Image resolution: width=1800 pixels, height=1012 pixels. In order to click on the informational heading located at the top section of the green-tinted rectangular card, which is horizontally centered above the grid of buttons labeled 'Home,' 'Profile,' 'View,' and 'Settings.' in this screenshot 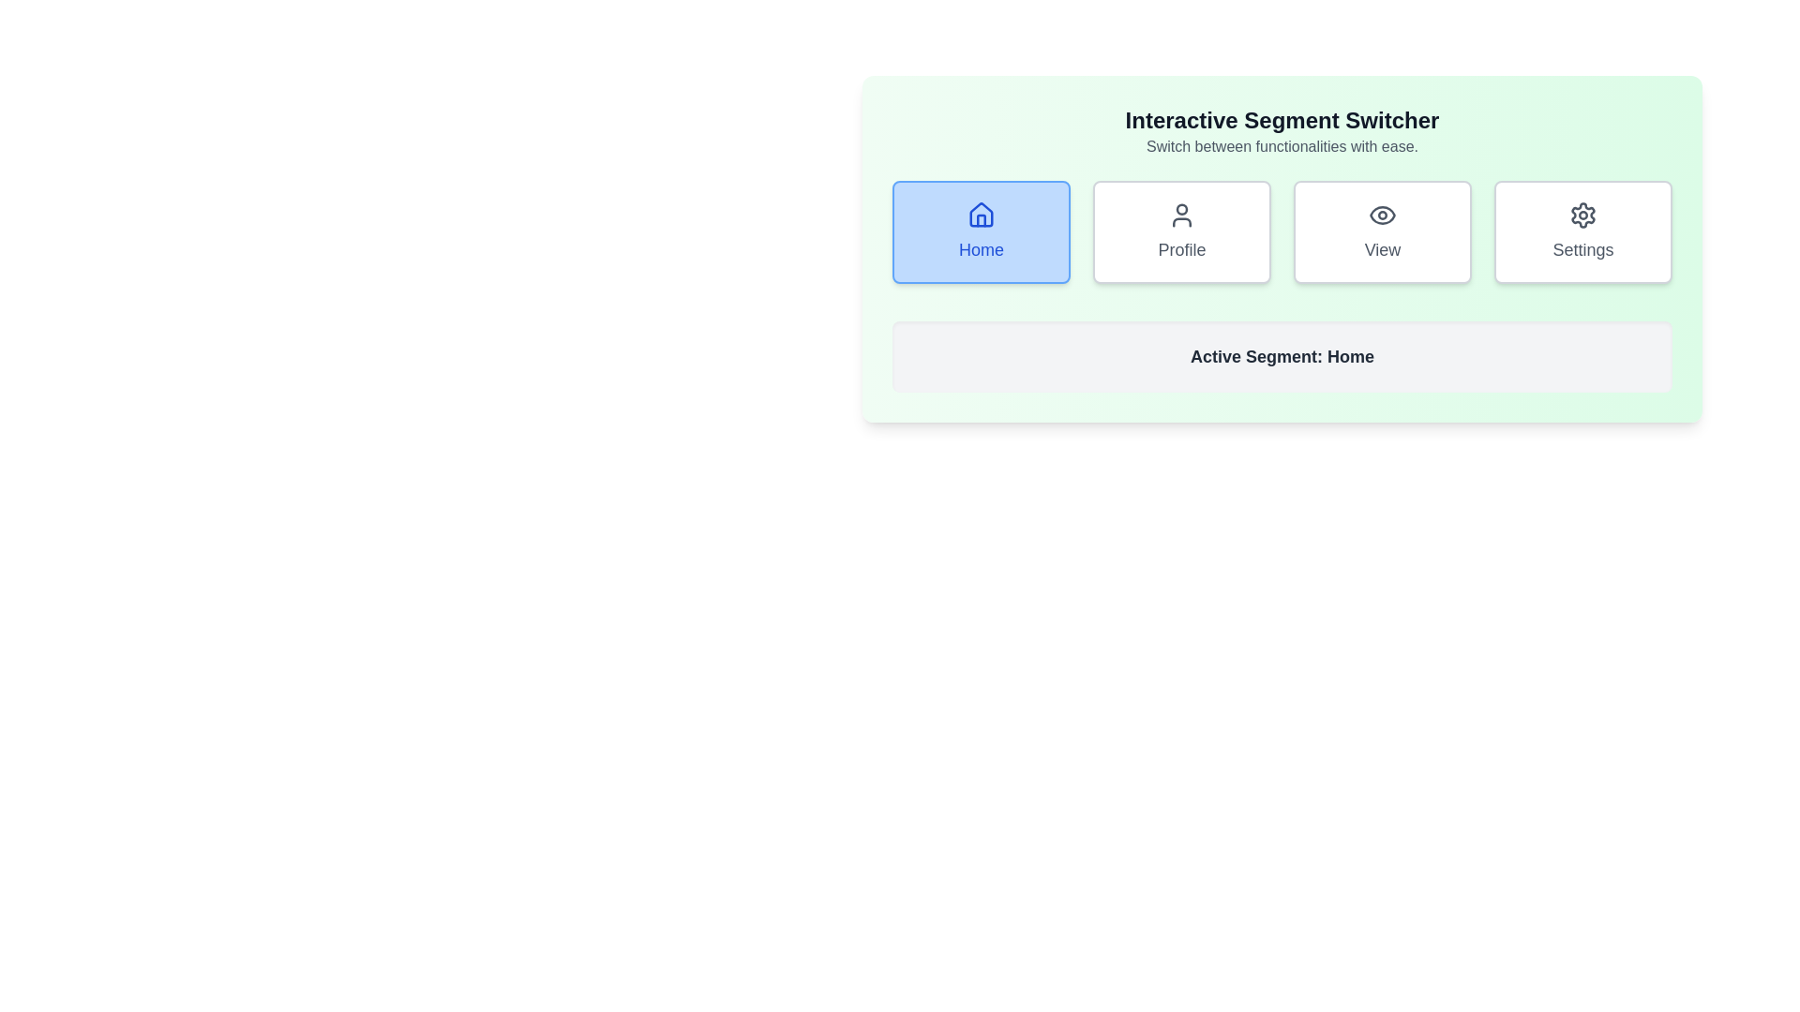, I will do `click(1282, 131)`.